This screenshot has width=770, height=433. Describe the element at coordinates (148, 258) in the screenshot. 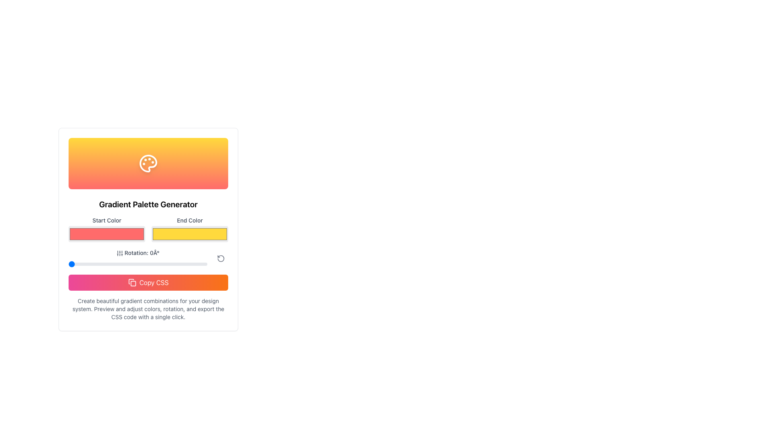

I see `the blue circle of the horizontal slider labeled 'Rotation: 0°'` at that location.